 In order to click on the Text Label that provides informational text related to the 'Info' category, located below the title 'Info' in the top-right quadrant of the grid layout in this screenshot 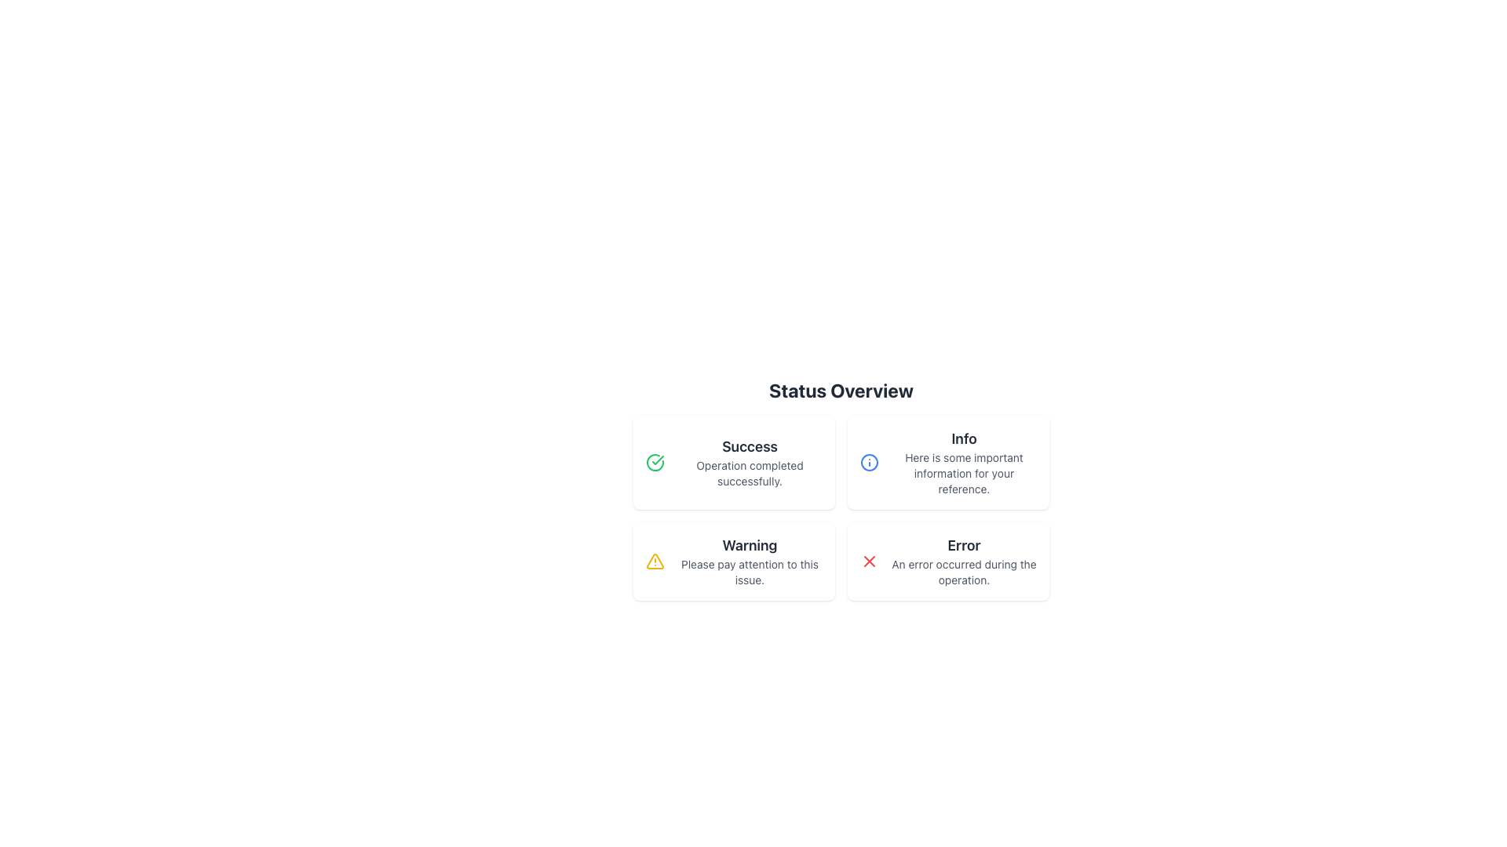, I will do `click(963, 473)`.